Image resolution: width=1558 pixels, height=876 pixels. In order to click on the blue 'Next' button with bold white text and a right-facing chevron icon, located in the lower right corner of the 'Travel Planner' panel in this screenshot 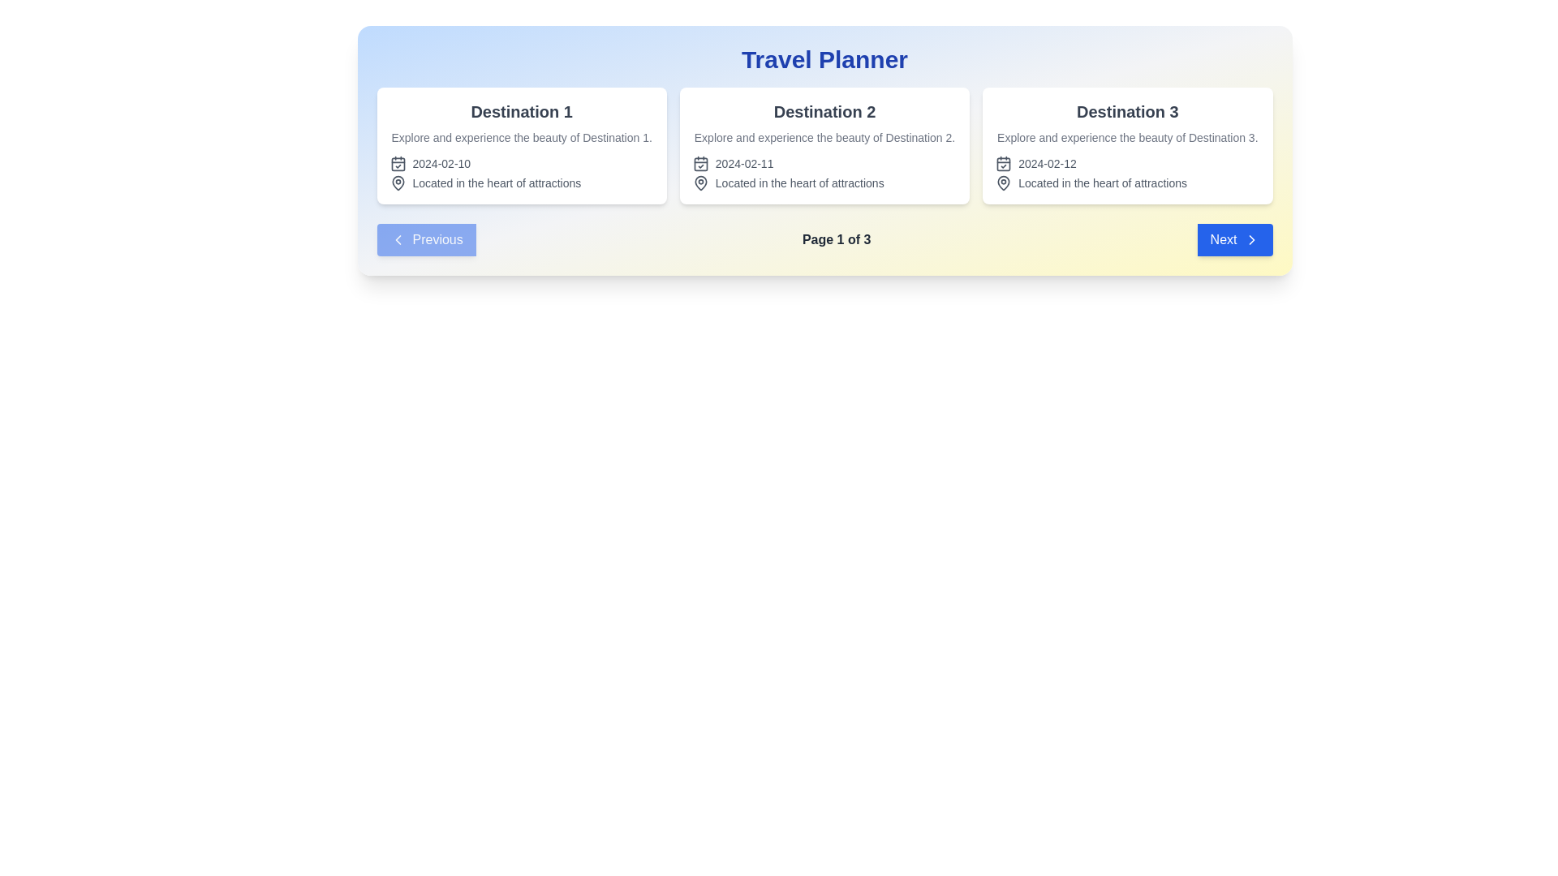, I will do `click(1233, 240)`.